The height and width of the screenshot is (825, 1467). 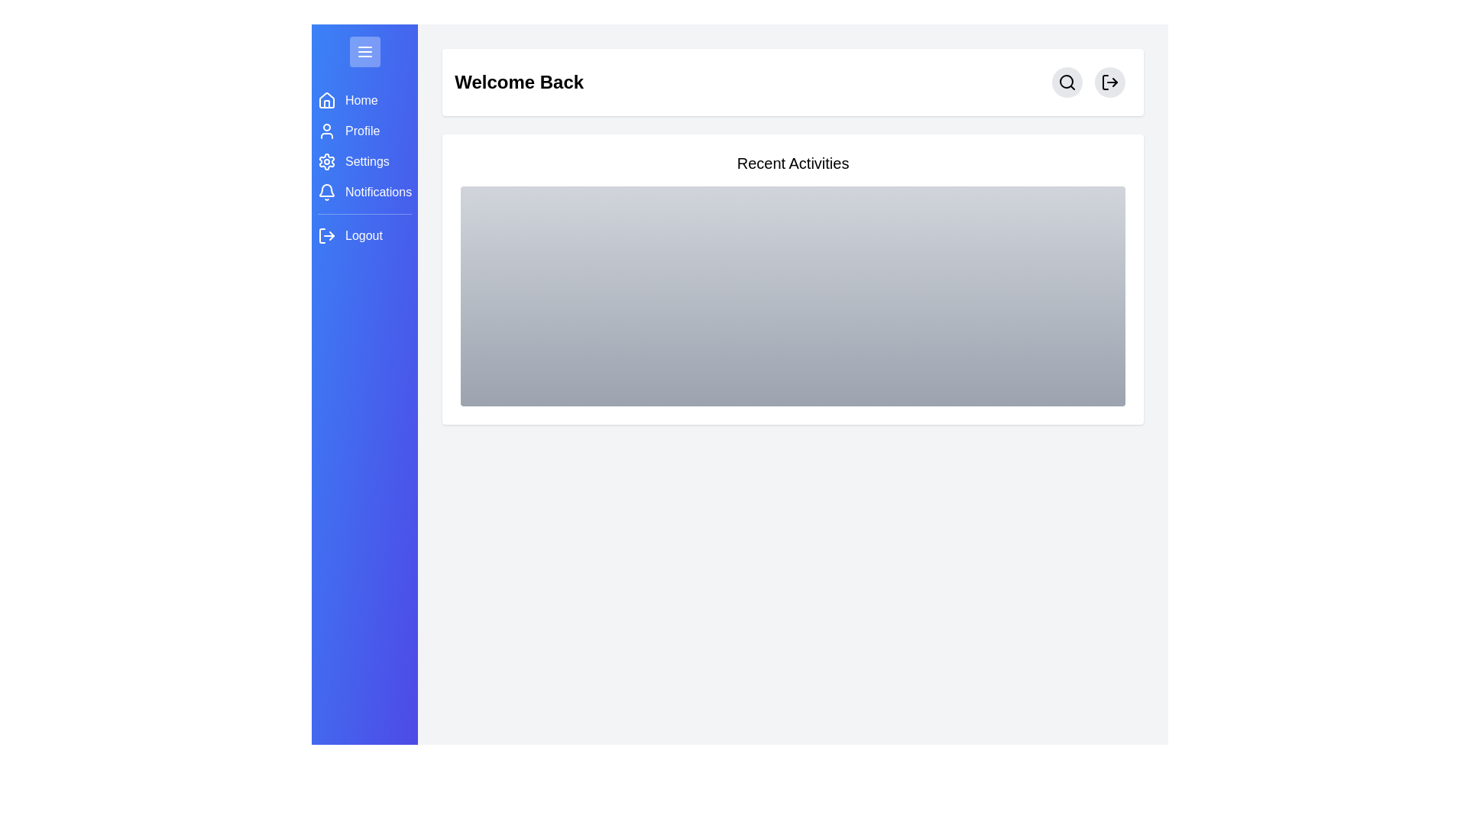 I want to click on the 'Profile' text label located in the vertical navigation menu, so click(x=361, y=131).